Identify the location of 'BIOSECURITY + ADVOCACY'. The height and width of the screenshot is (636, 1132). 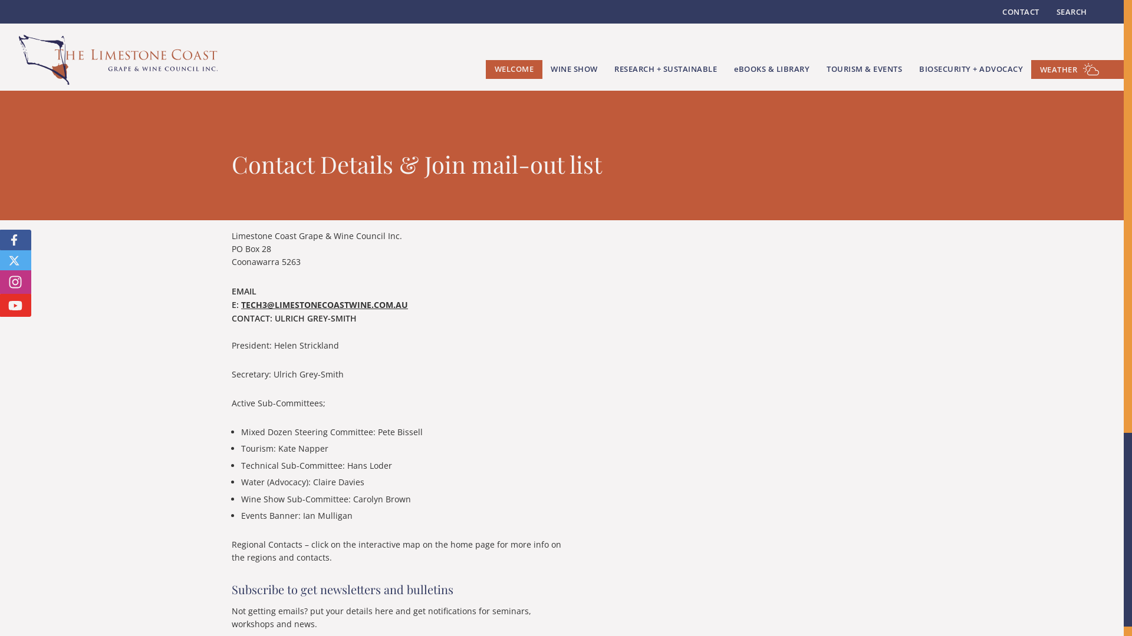
(971, 69).